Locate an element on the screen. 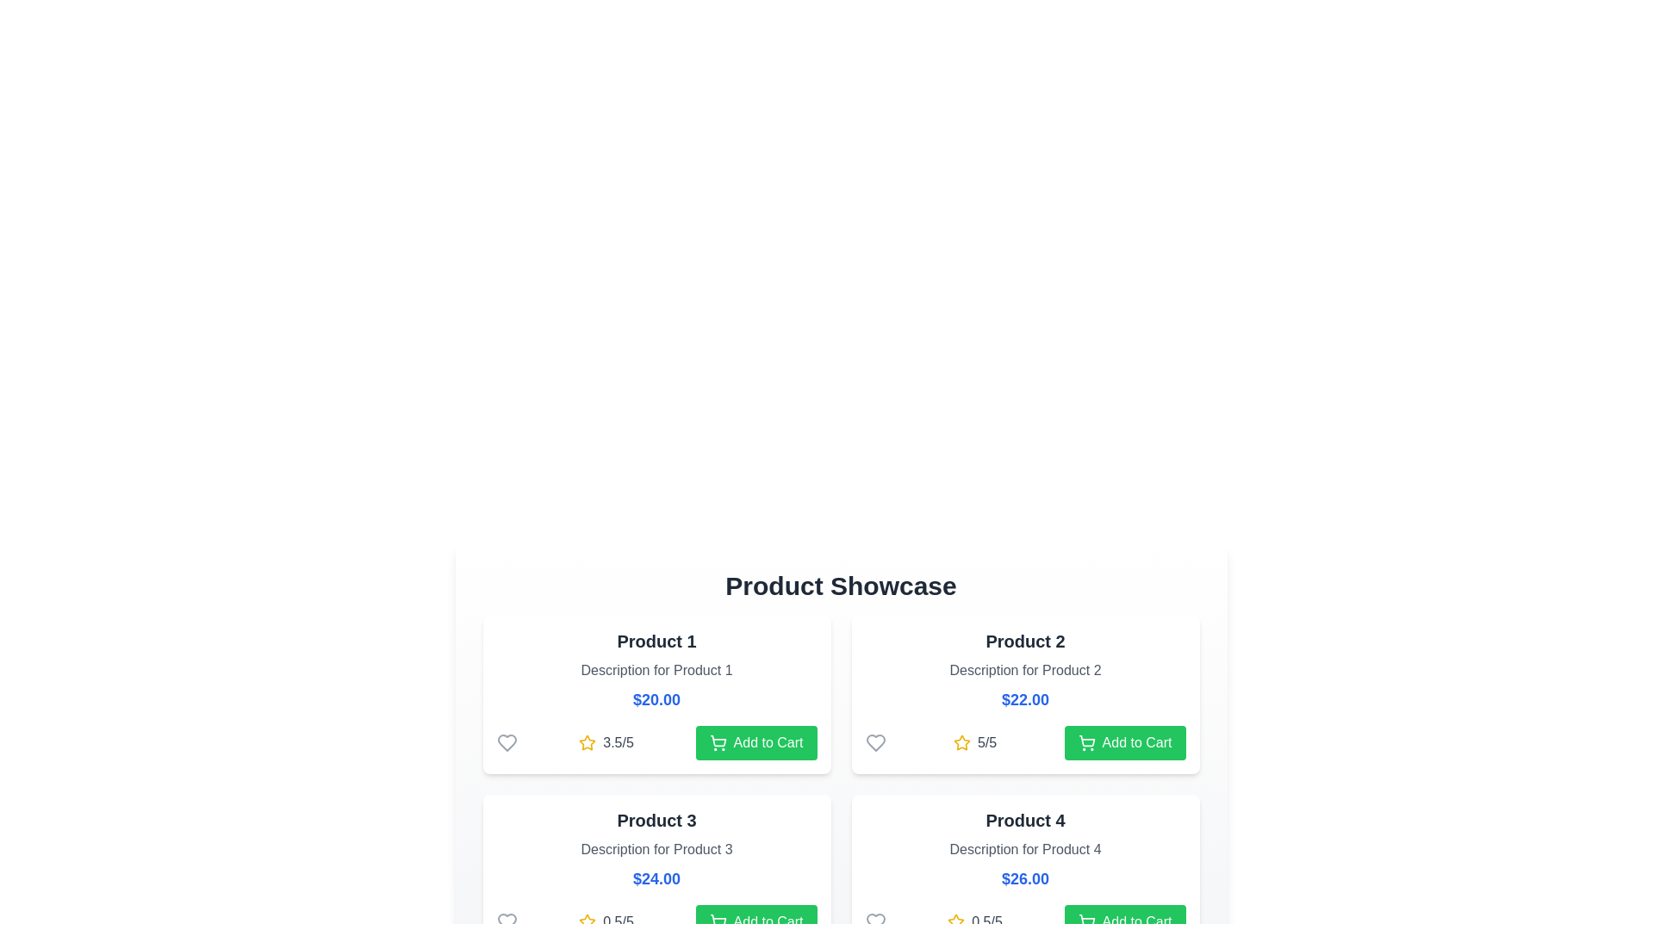  the rating icon that visually indicates a full rating state, positioned to the left of the '5/5' label, for accessibility purposes is located at coordinates (961, 742).